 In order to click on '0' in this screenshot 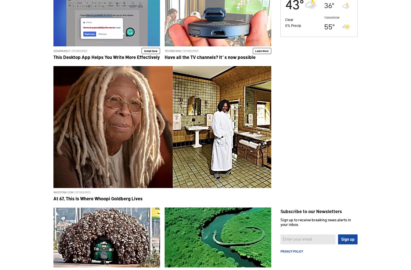, I will do `click(286, 25)`.